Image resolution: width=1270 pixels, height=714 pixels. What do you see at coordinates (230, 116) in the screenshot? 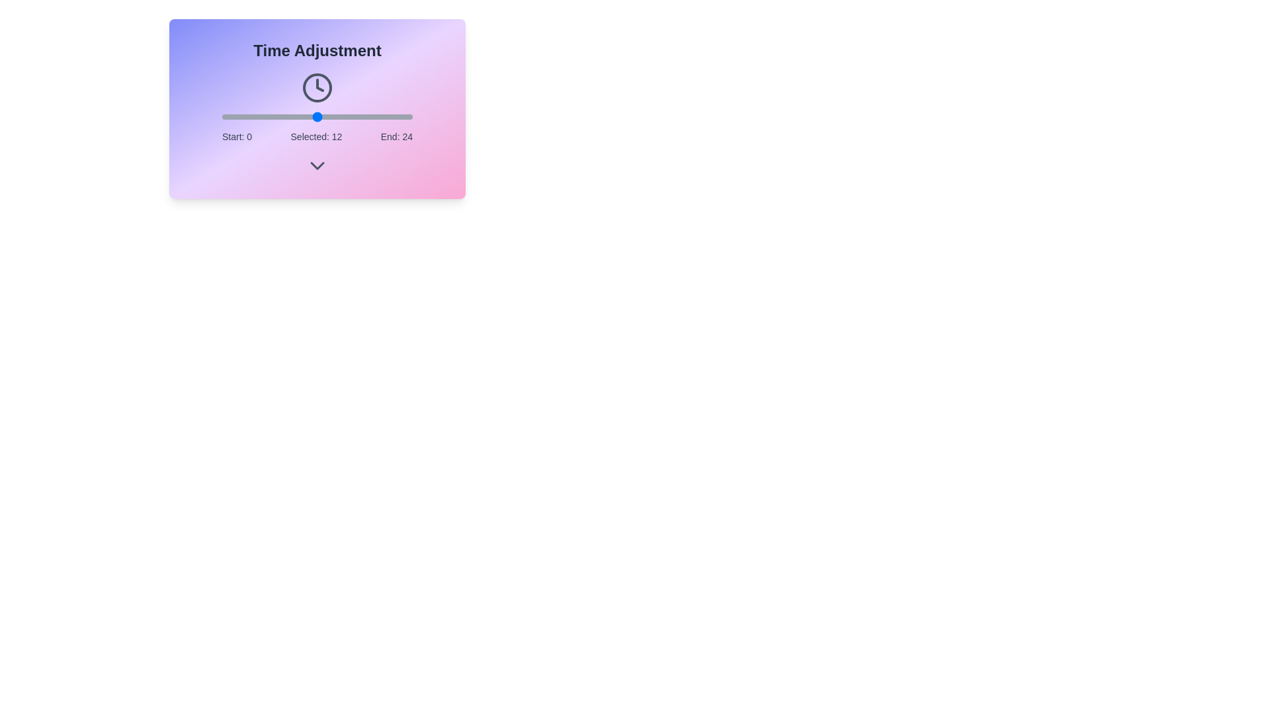
I see `the time slider to 1` at bounding box center [230, 116].